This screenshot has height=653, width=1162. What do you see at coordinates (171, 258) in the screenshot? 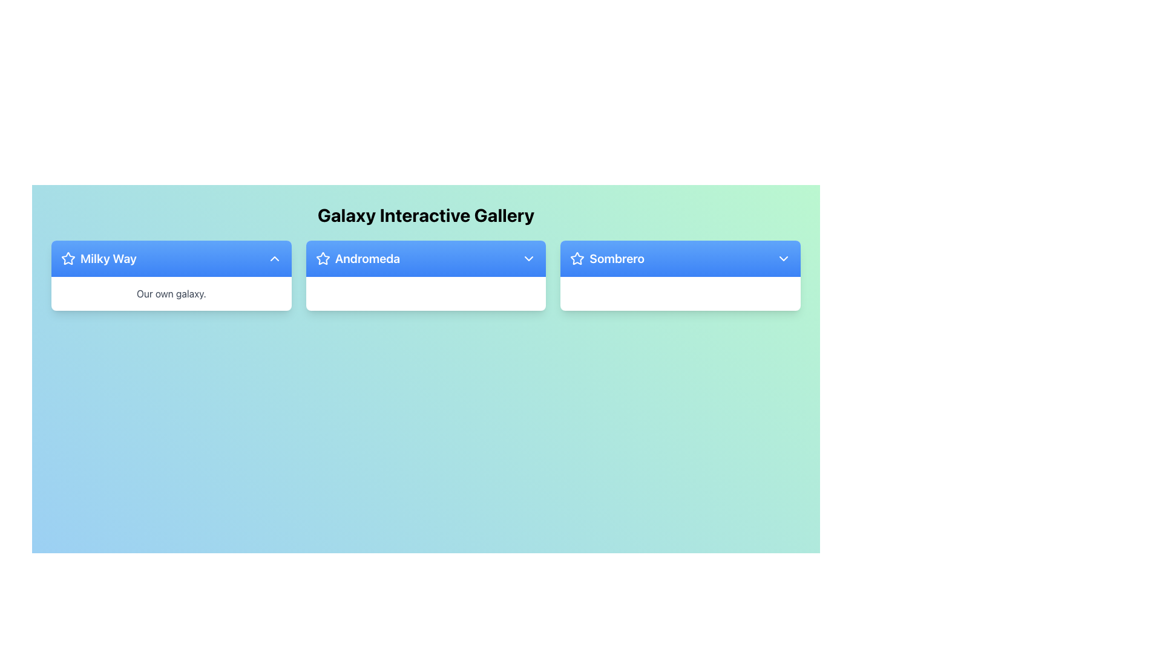
I see `the header section titled 'Milky Way' featuring a star icon on the left and an upward-facing chevron icon on the right` at bounding box center [171, 258].